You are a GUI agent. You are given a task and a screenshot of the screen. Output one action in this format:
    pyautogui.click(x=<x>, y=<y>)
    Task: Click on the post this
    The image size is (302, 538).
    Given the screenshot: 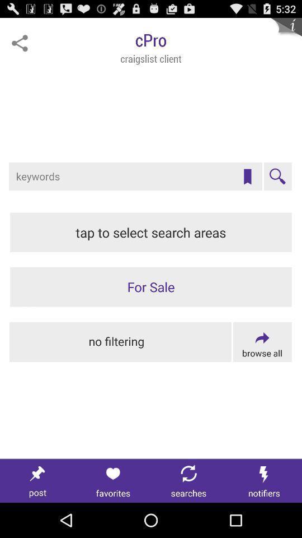 What is the action you would take?
    pyautogui.click(x=37, y=480)
    